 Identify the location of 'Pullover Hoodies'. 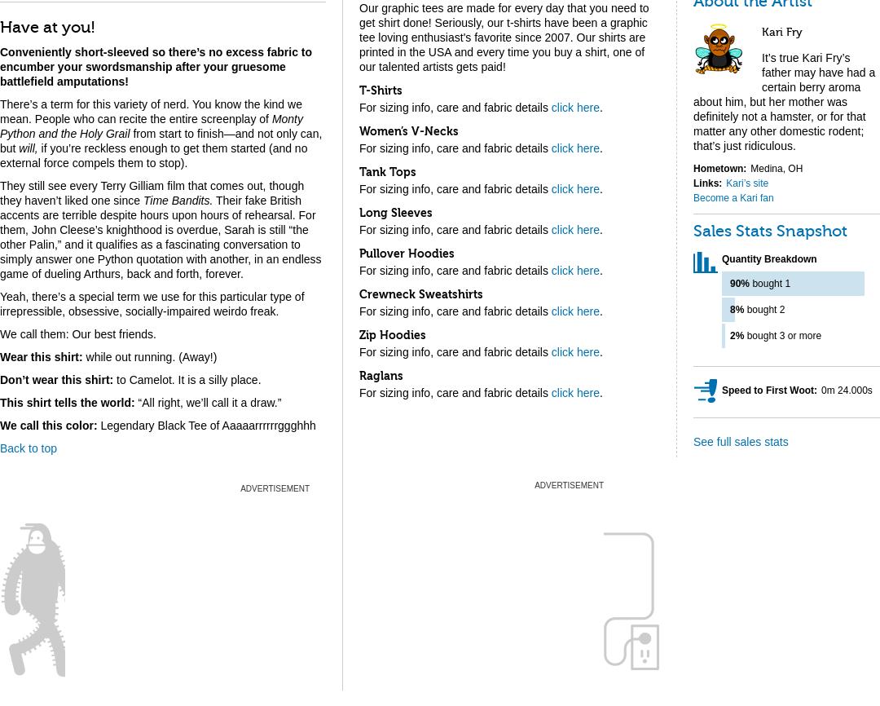
(406, 253).